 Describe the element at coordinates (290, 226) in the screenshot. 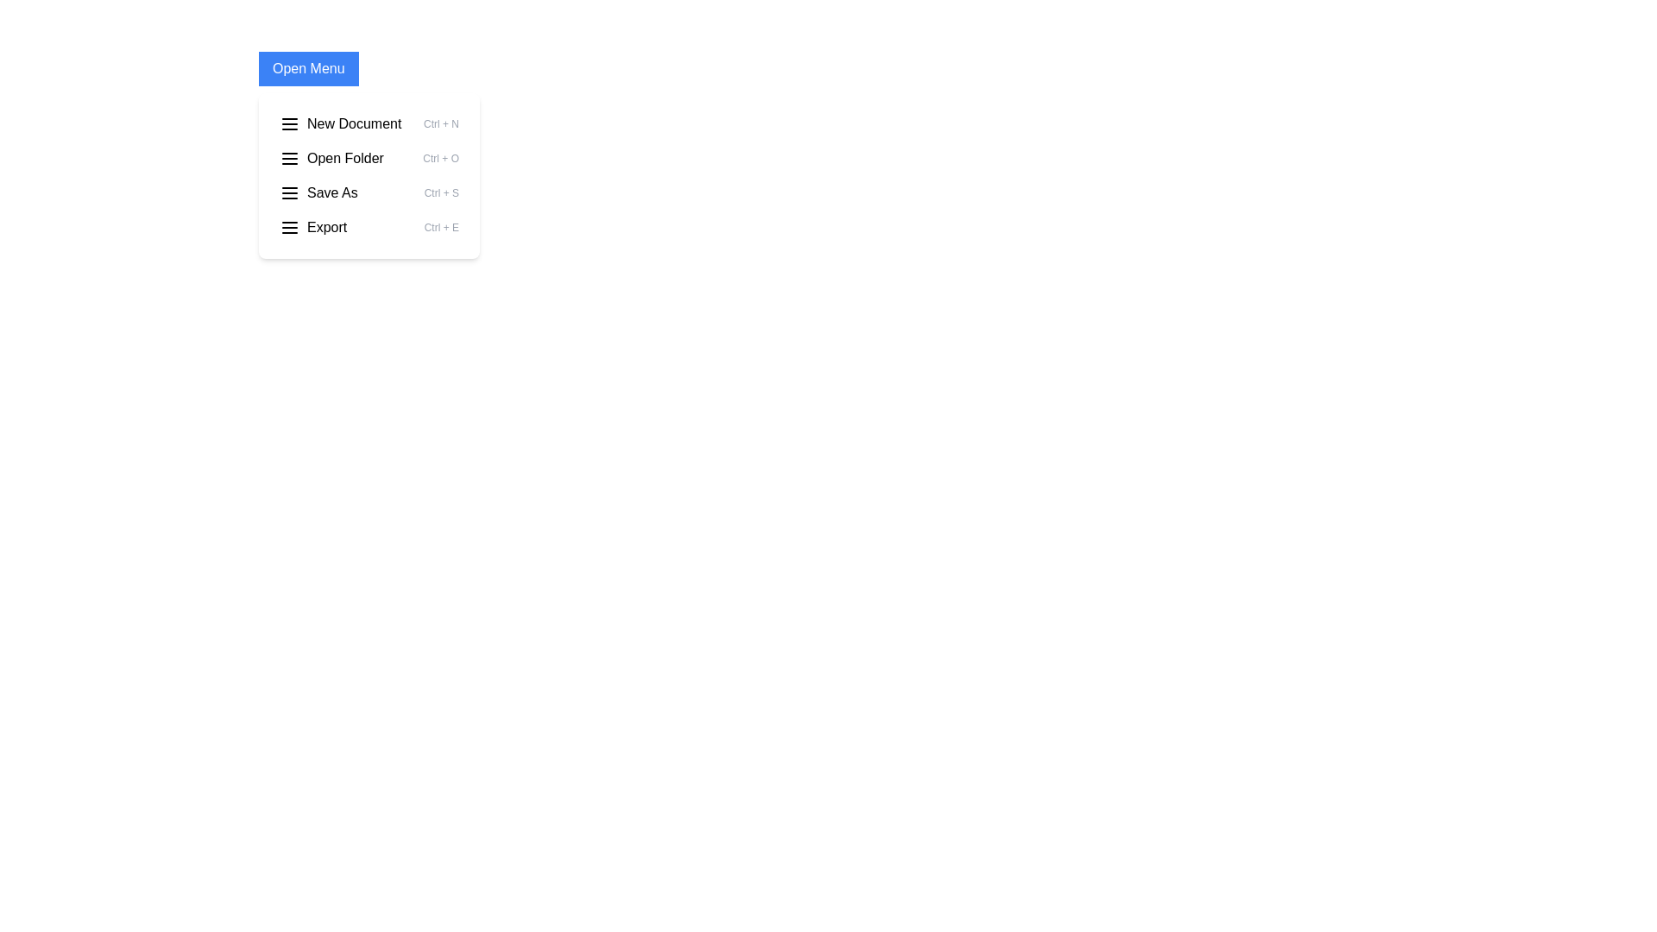

I see `the menu icon represented by three horizontal lines stacked vertically, located to the left of the 'Export' menu option` at that location.